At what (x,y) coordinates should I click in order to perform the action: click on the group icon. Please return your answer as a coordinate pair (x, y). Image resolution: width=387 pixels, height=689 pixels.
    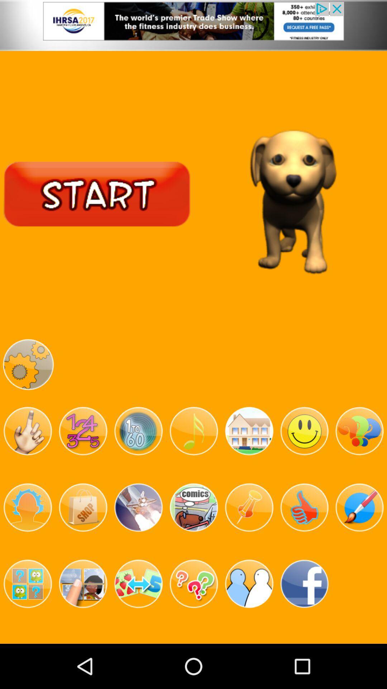
    Looking at the image, I should click on (249, 624).